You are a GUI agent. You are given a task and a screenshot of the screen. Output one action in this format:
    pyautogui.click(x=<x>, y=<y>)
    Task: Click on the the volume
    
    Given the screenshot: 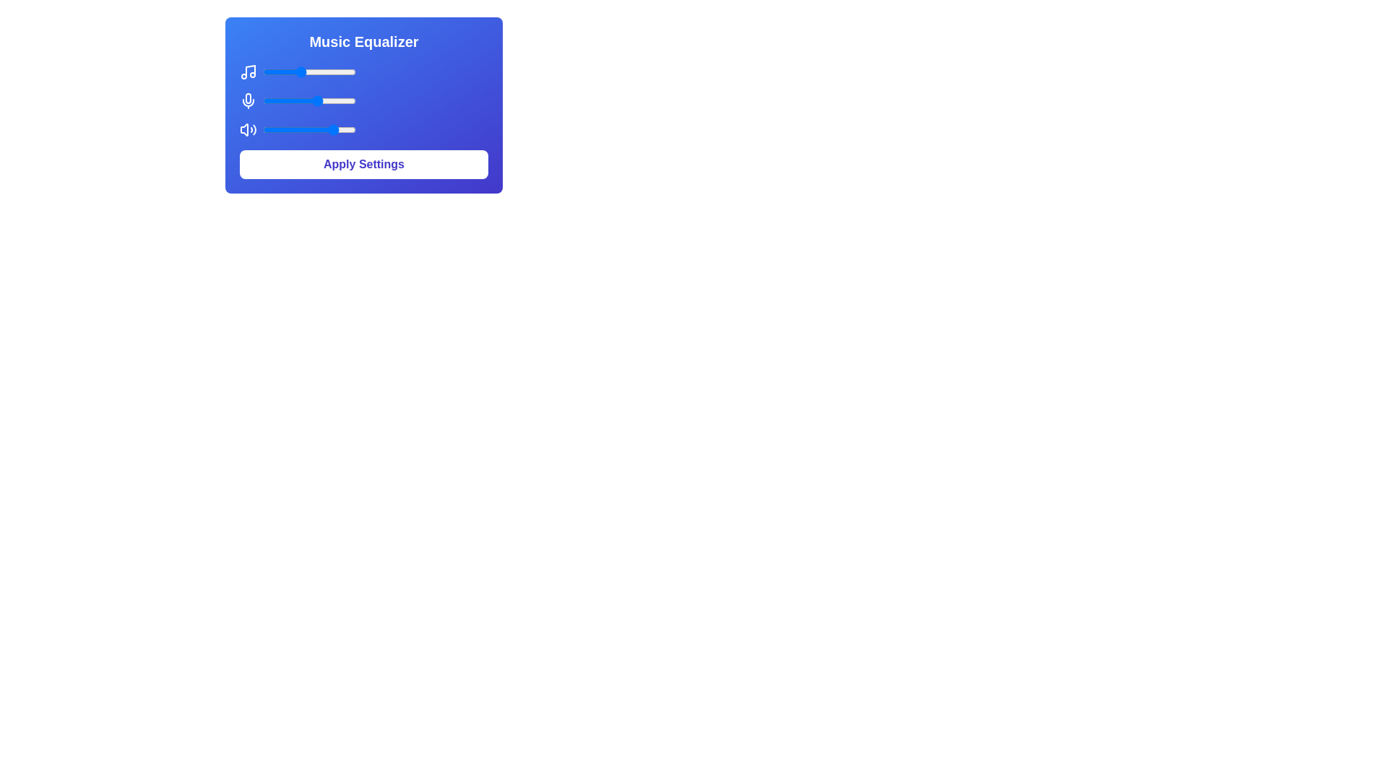 What is the action you would take?
    pyautogui.click(x=329, y=130)
    